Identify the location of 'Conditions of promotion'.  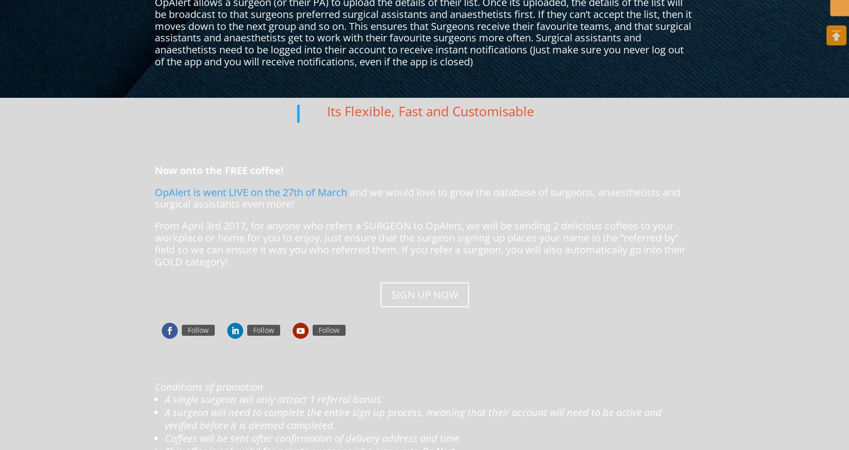
(208, 386).